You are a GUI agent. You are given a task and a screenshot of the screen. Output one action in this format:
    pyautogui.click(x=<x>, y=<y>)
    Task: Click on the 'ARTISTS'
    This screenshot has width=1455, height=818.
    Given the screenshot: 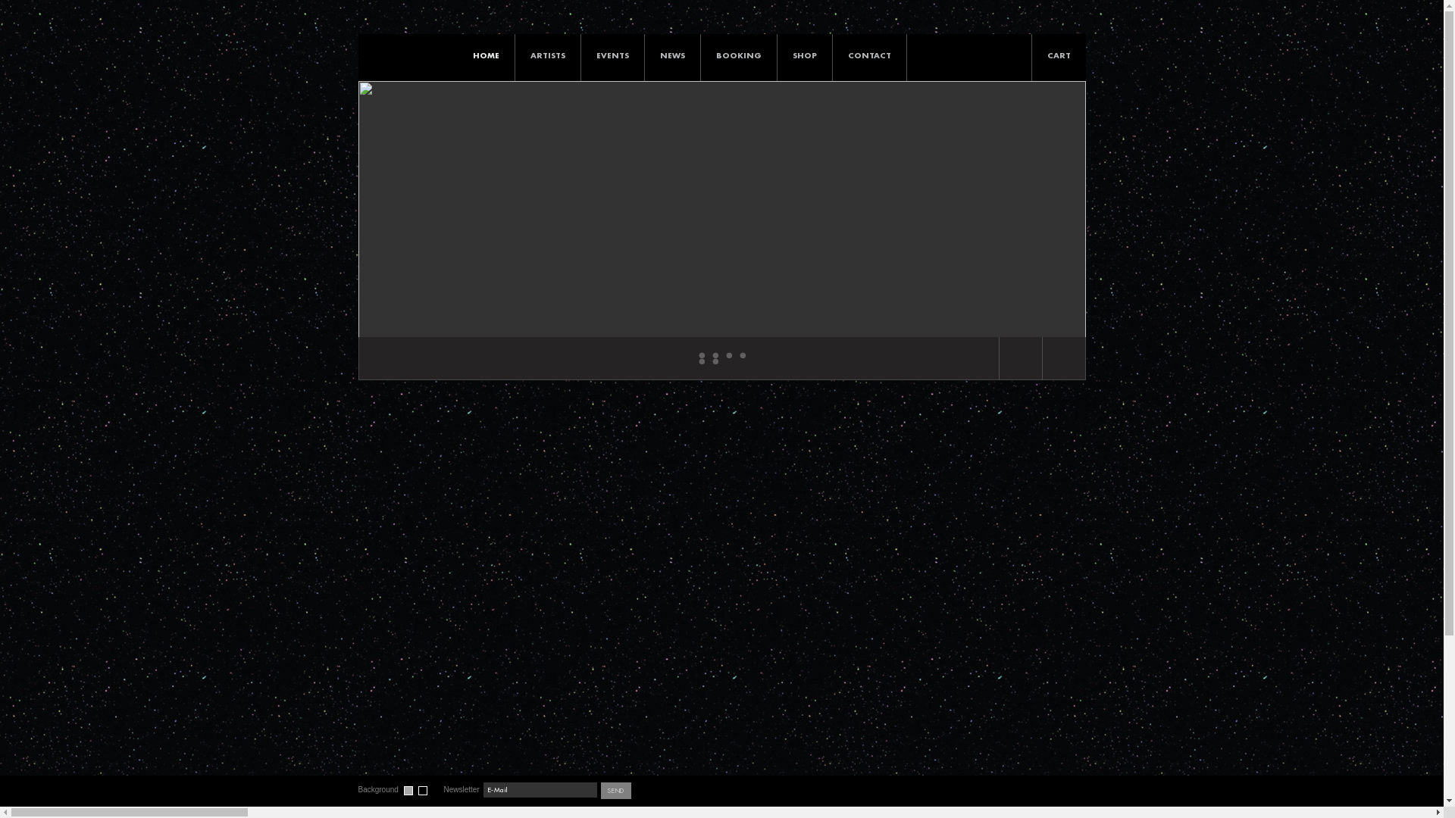 What is the action you would take?
    pyautogui.click(x=547, y=55)
    